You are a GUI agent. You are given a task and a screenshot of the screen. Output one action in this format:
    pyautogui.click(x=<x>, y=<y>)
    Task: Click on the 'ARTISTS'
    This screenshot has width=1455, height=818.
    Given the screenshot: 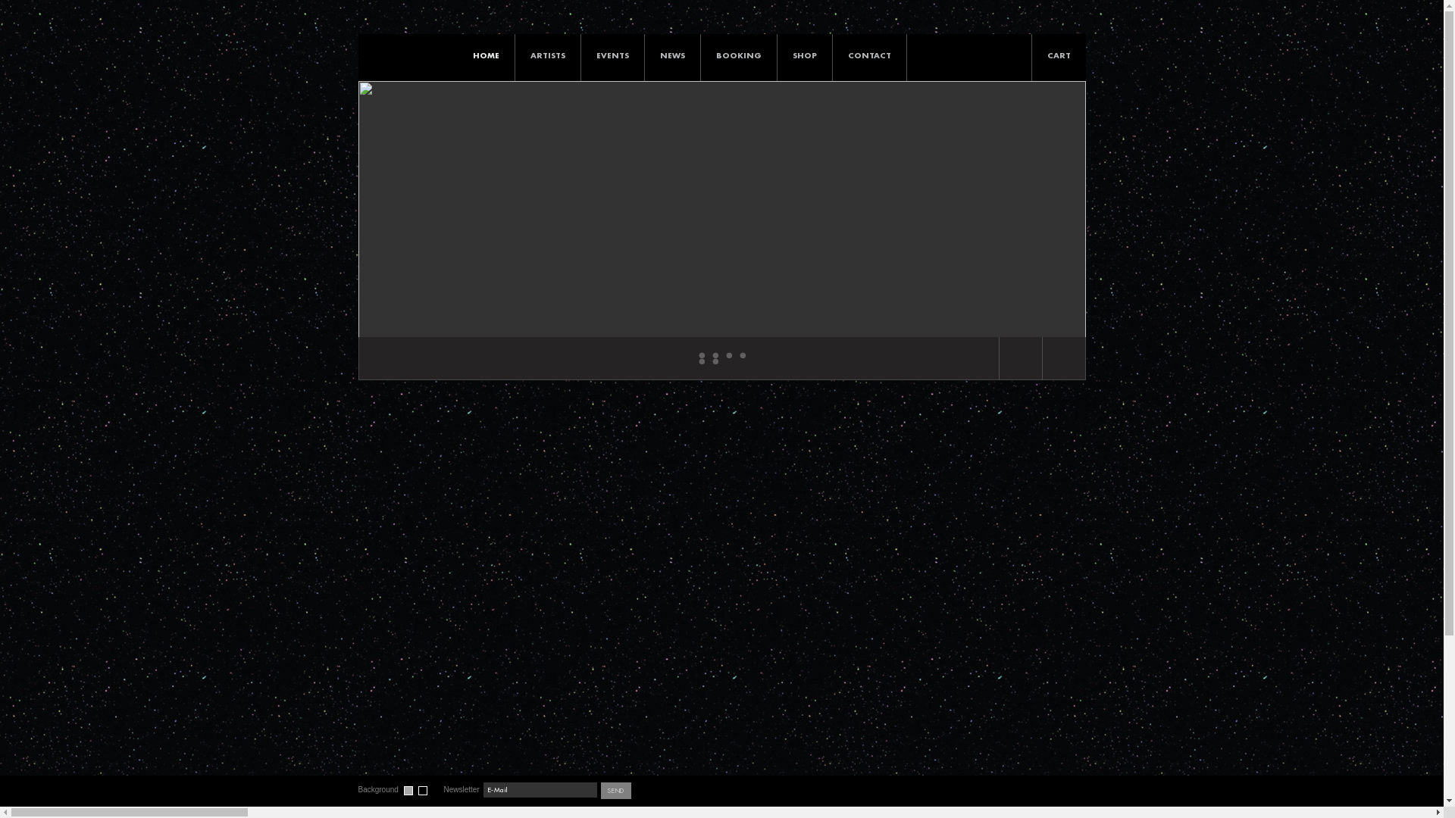 What is the action you would take?
    pyautogui.click(x=547, y=55)
    